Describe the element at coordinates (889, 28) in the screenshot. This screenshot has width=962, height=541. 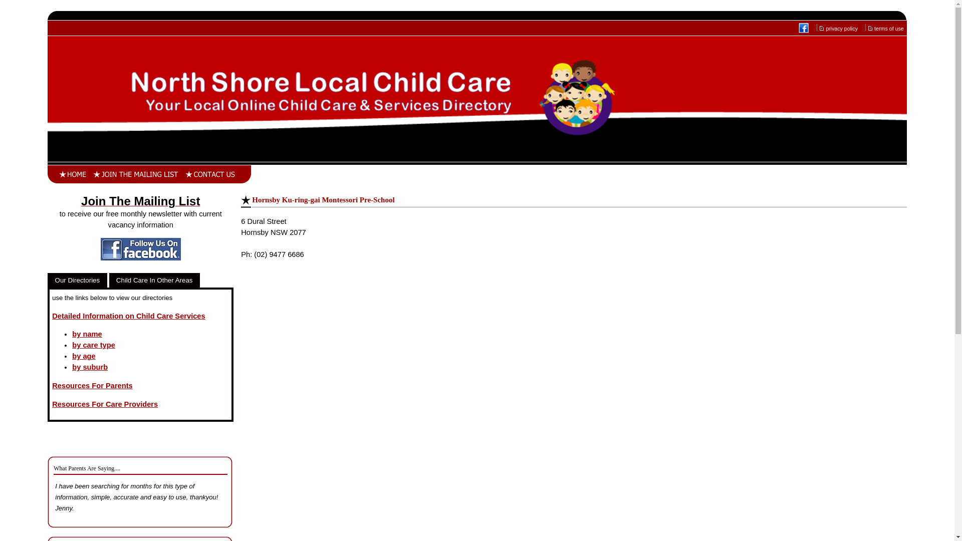
I see `'terms of use'` at that location.